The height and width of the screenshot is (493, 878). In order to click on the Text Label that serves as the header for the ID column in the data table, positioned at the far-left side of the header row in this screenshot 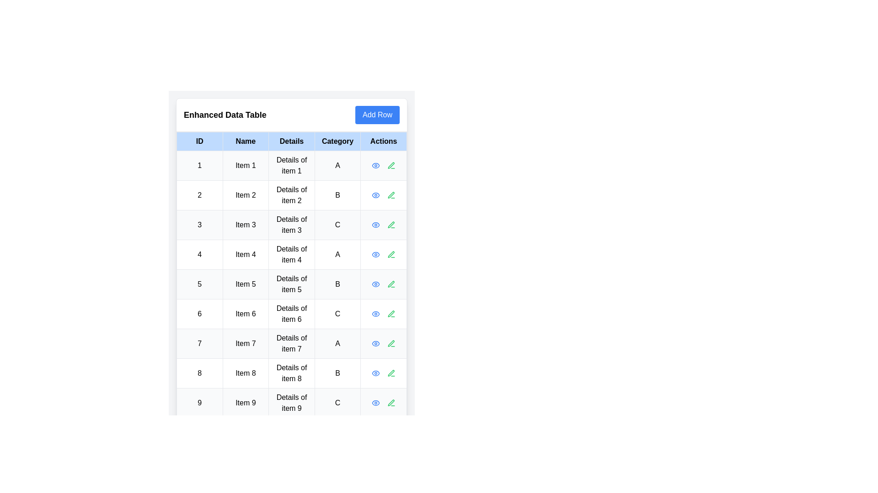, I will do `click(199, 141)`.